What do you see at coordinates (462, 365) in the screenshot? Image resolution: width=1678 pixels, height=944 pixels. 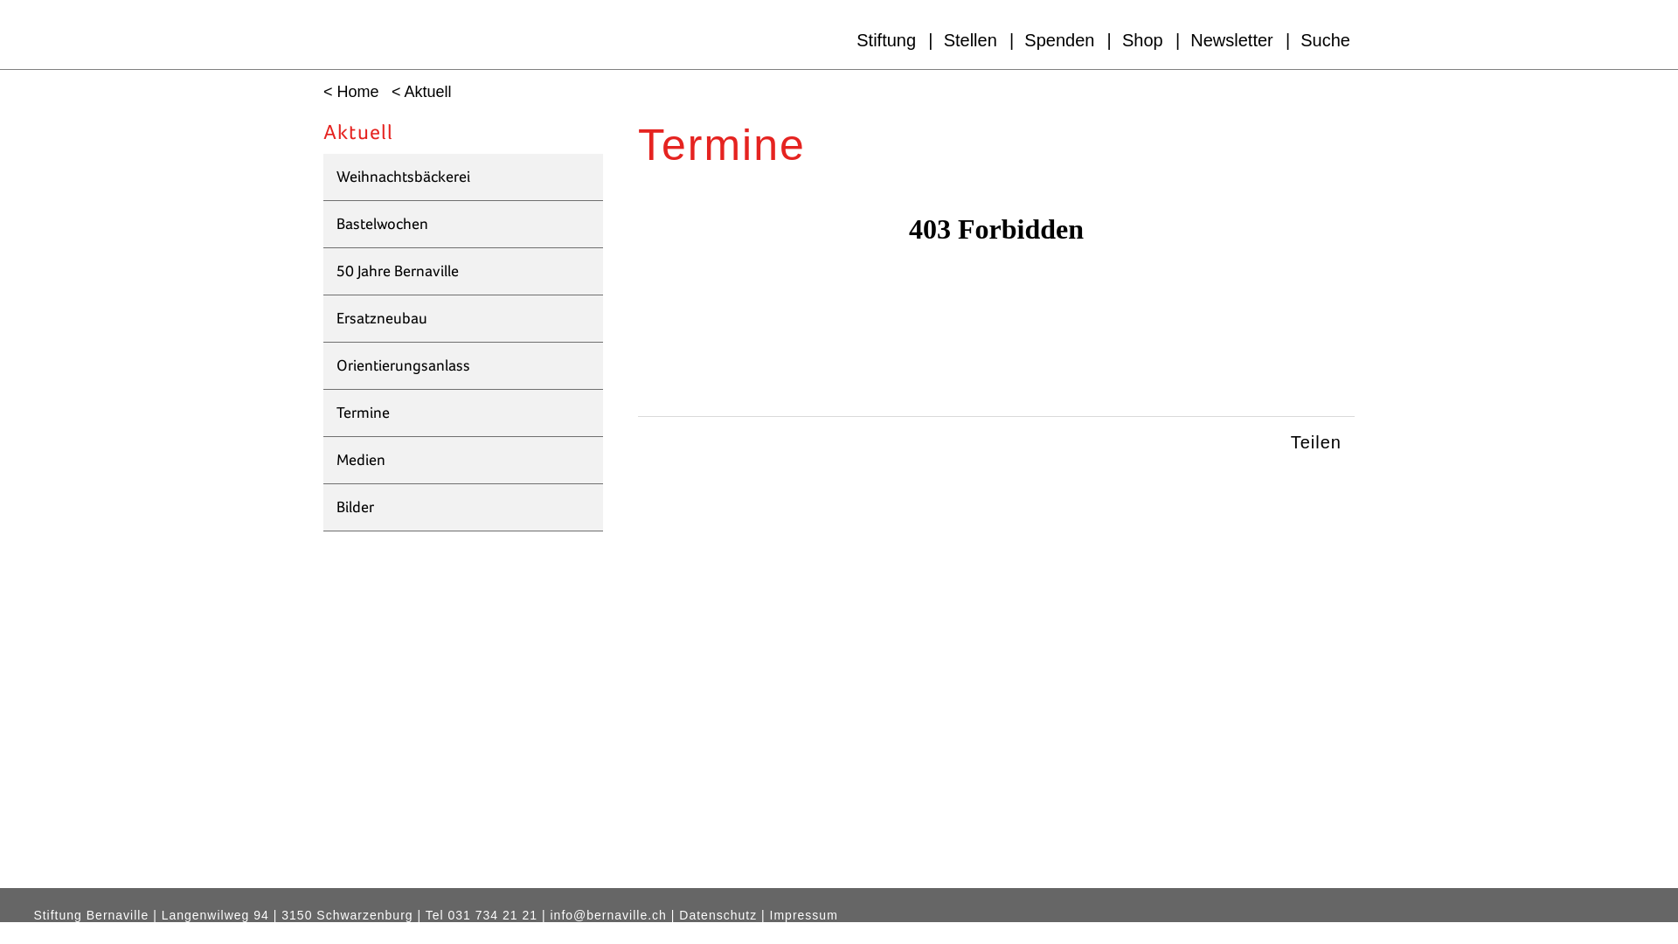 I see `'Orientierungsanlass'` at bounding box center [462, 365].